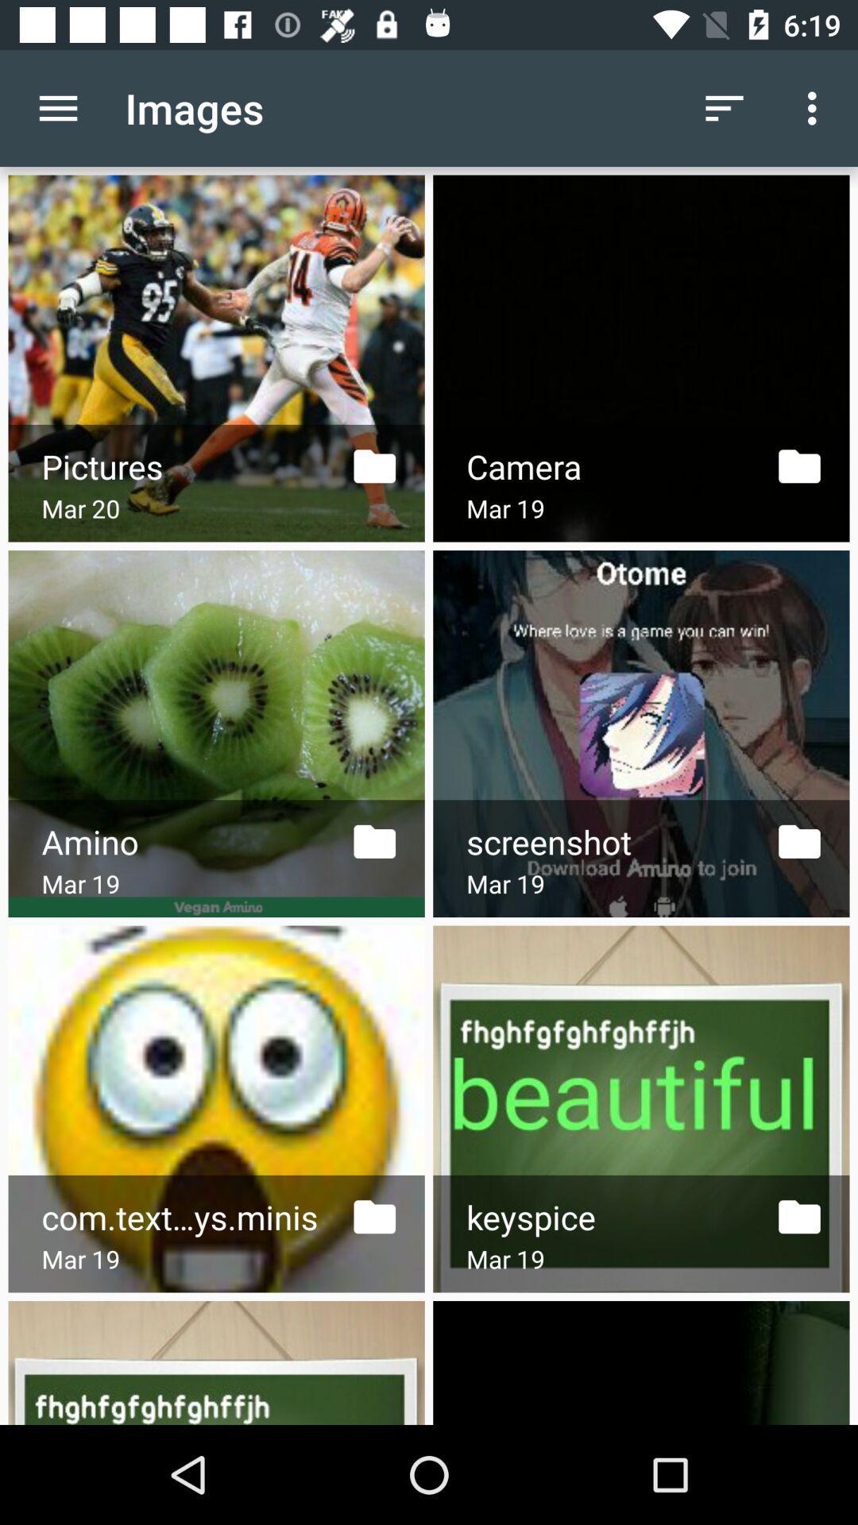  I want to click on the app to the left of images icon, so click(57, 107).